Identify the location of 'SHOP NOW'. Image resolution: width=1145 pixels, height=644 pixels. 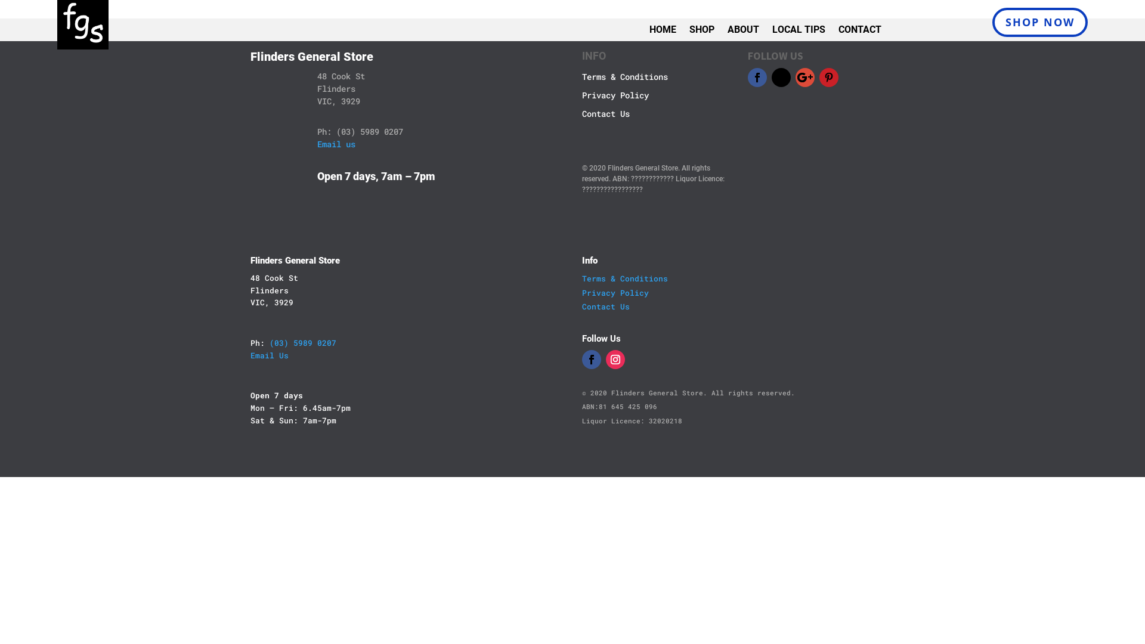
(1039, 22).